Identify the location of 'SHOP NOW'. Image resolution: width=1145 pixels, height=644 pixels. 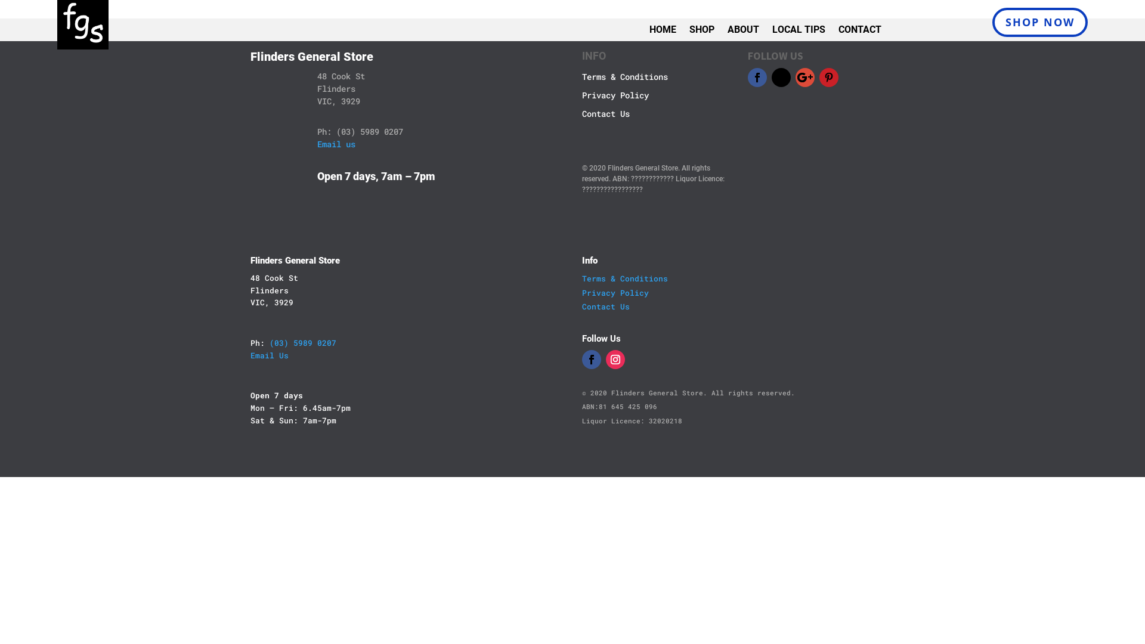
(1039, 22).